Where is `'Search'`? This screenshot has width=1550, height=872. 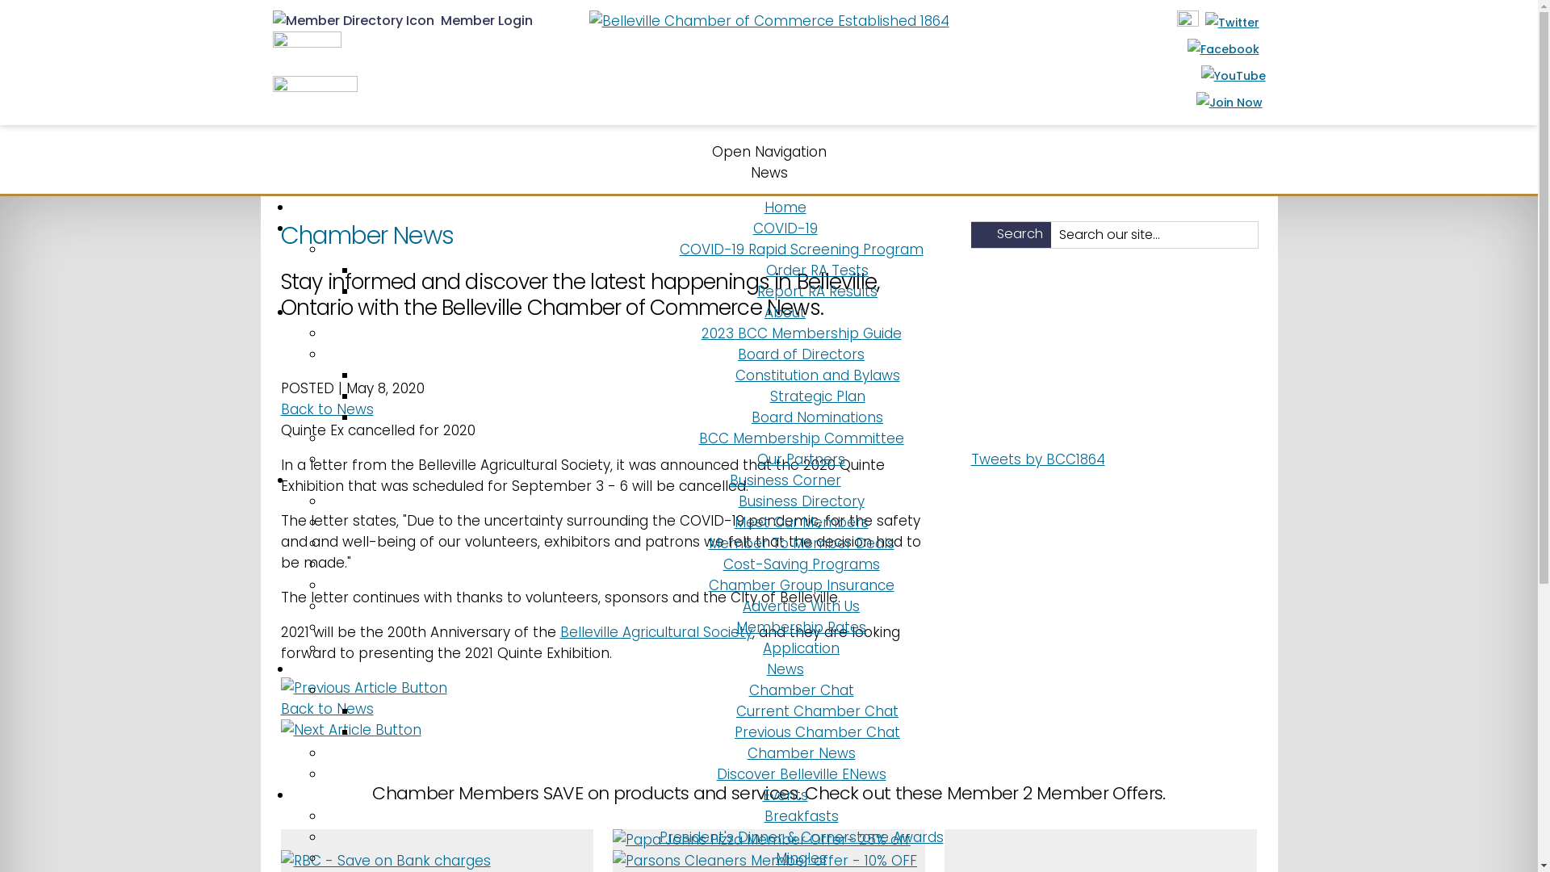
'Search' is located at coordinates (1020, 228).